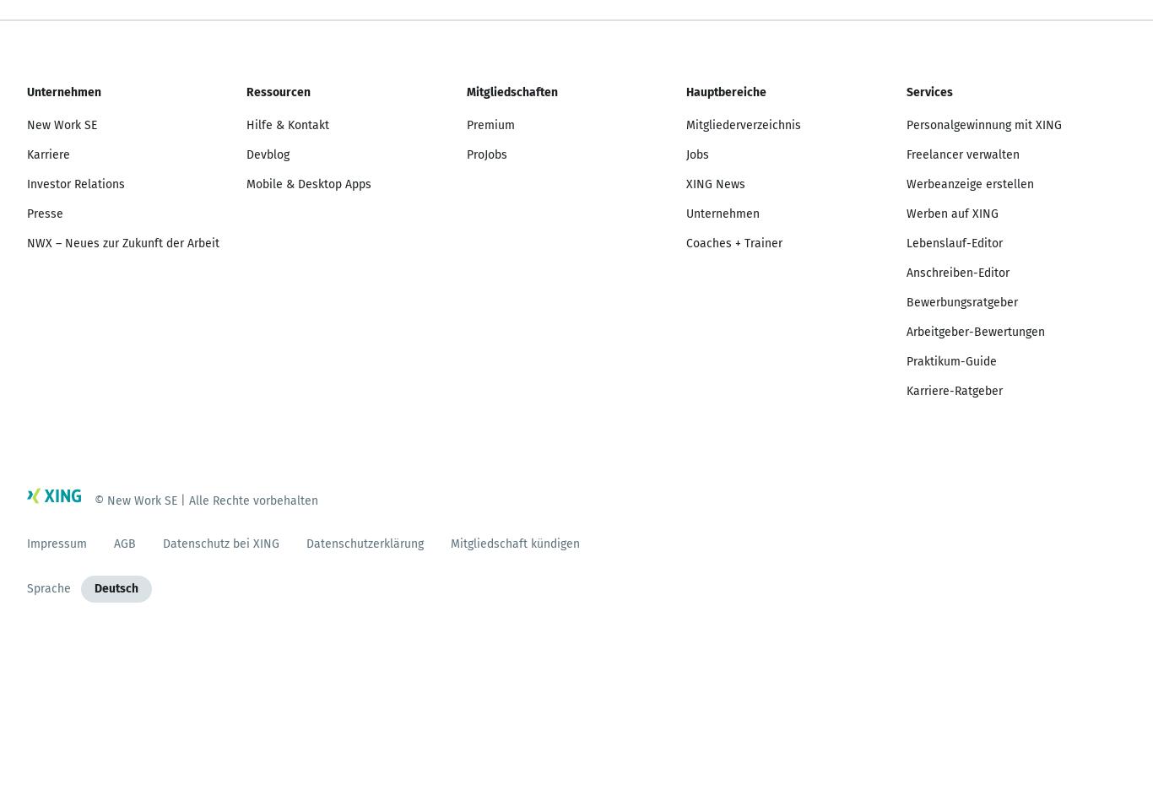 The height and width of the screenshot is (790, 1153). What do you see at coordinates (62, 124) in the screenshot?
I see `'New Work SE'` at bounding box center [62, 124].